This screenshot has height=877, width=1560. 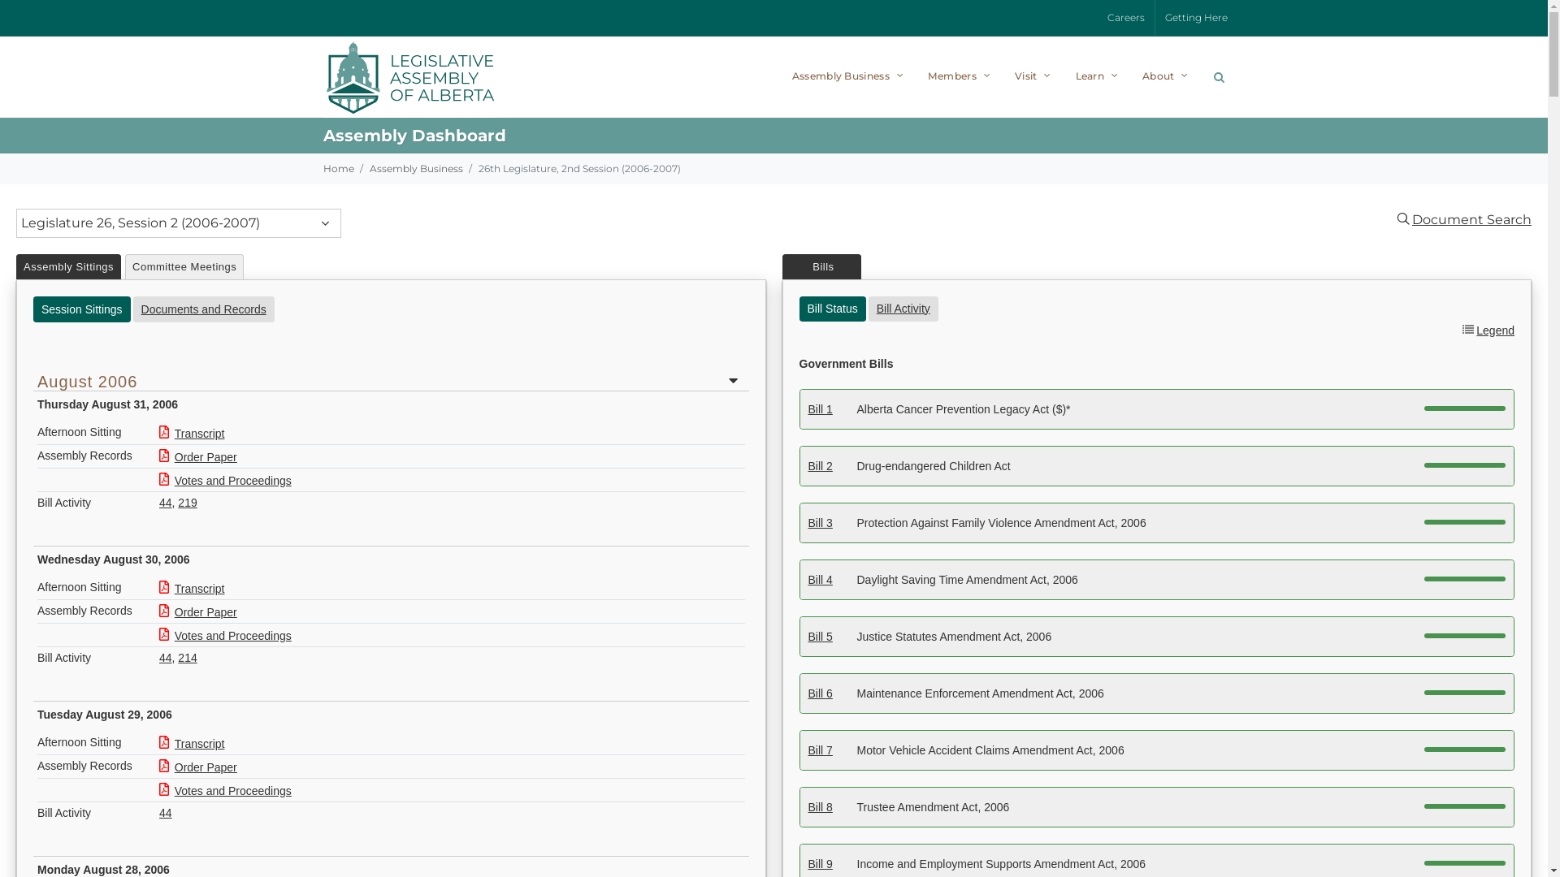 What do you see at coordinates (202, 309) in the screenshot?
I see `'Documents and Records'` at bounding box center [202, 309].